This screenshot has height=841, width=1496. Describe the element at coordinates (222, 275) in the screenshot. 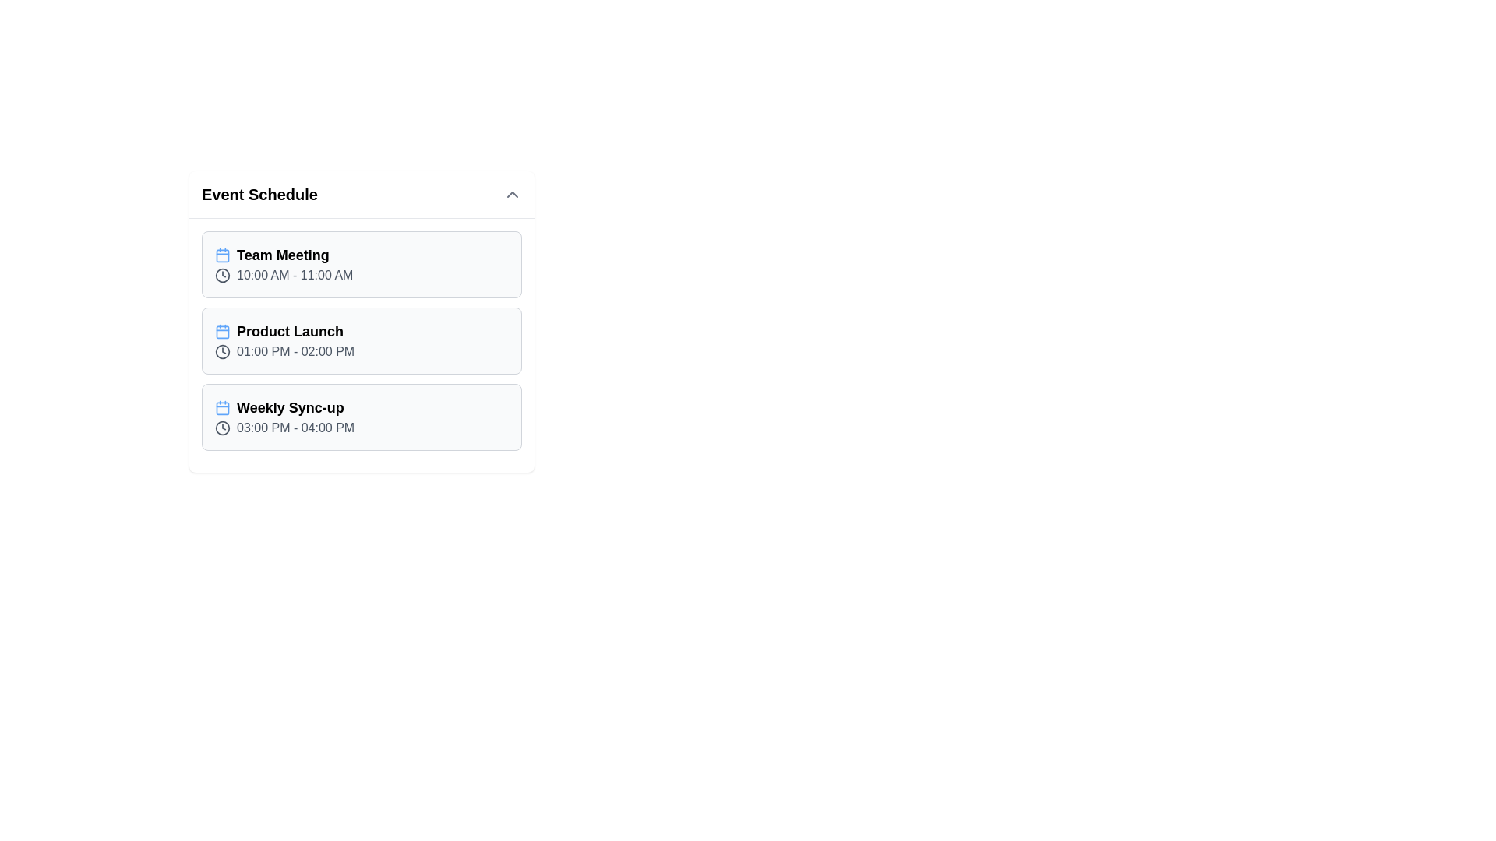

I see `the clock icon, which is a minimalistic design with a circular outline, located next to '10:00 AM - 11:00 AM' in the 'Event Schedule' for 'Team Meeting'` at that location.